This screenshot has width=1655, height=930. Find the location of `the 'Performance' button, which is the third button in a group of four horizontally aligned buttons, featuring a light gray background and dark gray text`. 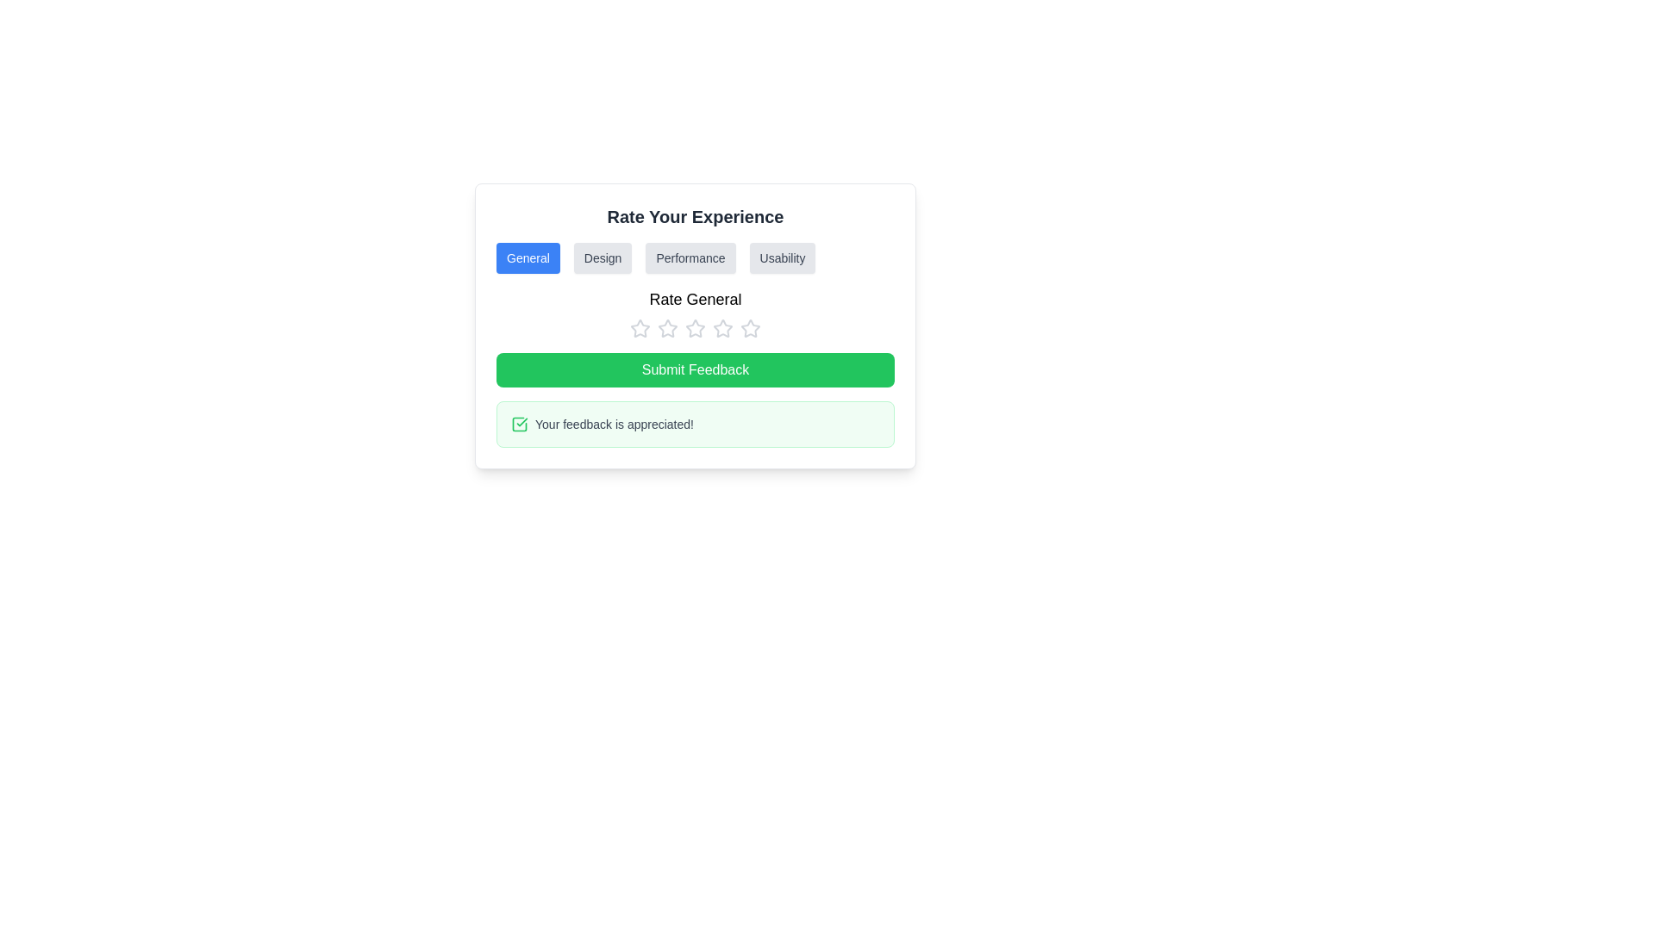

the 'Performance' button, which is the third button in a group of four horizontally aligned buttons, featuring a light gray background and dark gray text is located at coordinates (690, 258).